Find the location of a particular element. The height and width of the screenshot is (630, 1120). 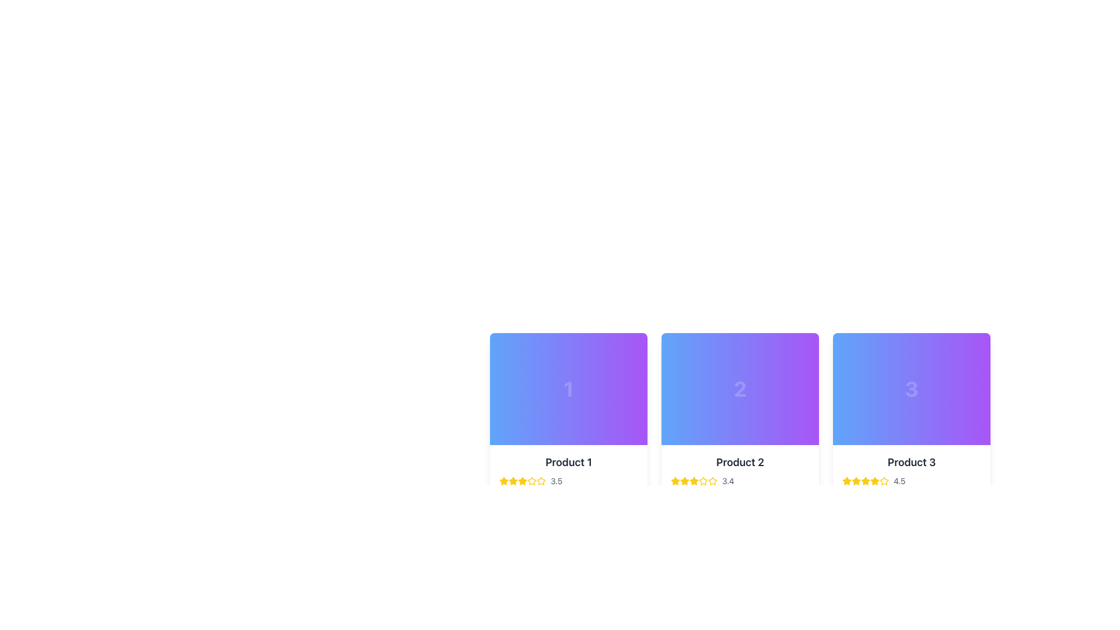

the third star icon in the group of five stars representing a 3.5-star rating beneath the 'Product 1' card is located at coordinates (522, 481).